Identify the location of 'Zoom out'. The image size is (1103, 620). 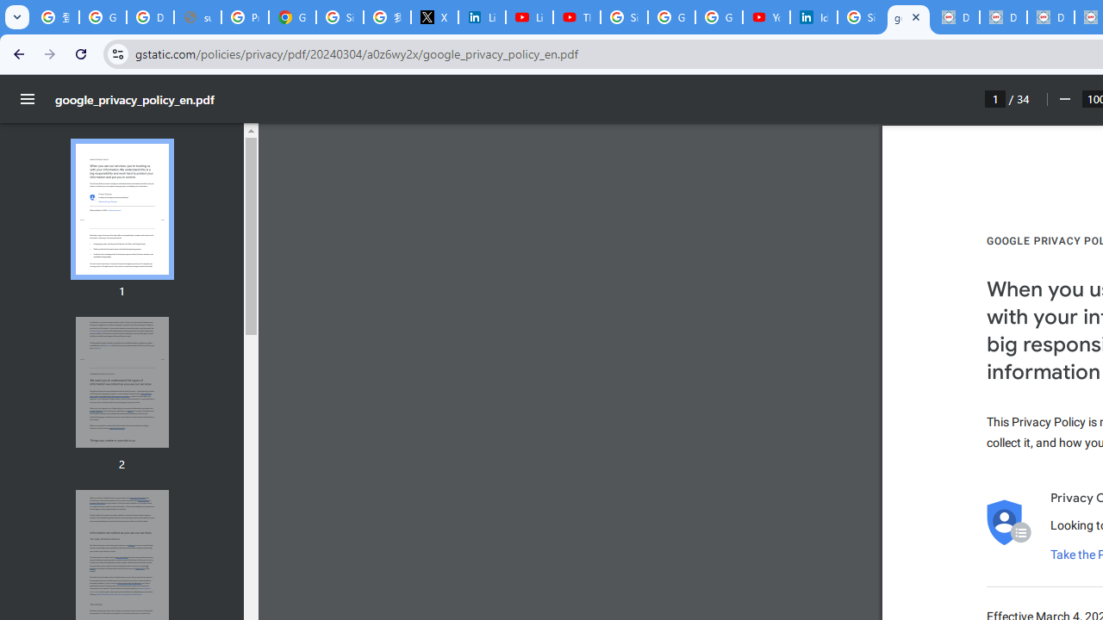
(1063, 99).